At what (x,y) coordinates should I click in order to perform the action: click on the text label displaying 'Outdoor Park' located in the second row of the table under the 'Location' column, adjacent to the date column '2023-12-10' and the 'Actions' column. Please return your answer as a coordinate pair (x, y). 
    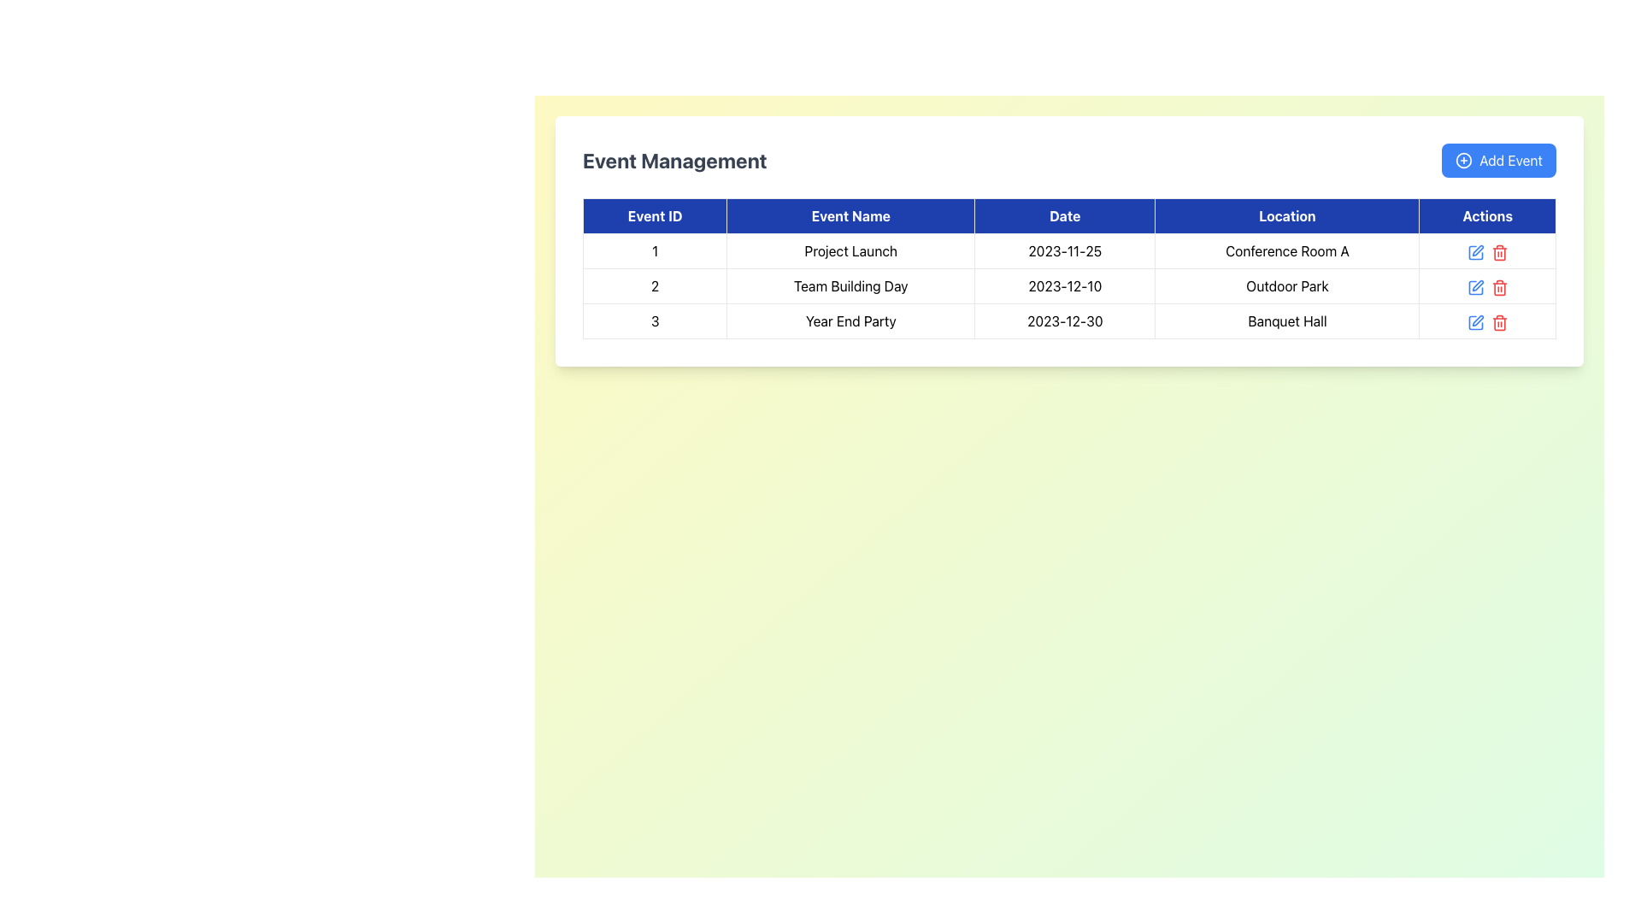
    Looking at the image, I should click on (1287, 285).